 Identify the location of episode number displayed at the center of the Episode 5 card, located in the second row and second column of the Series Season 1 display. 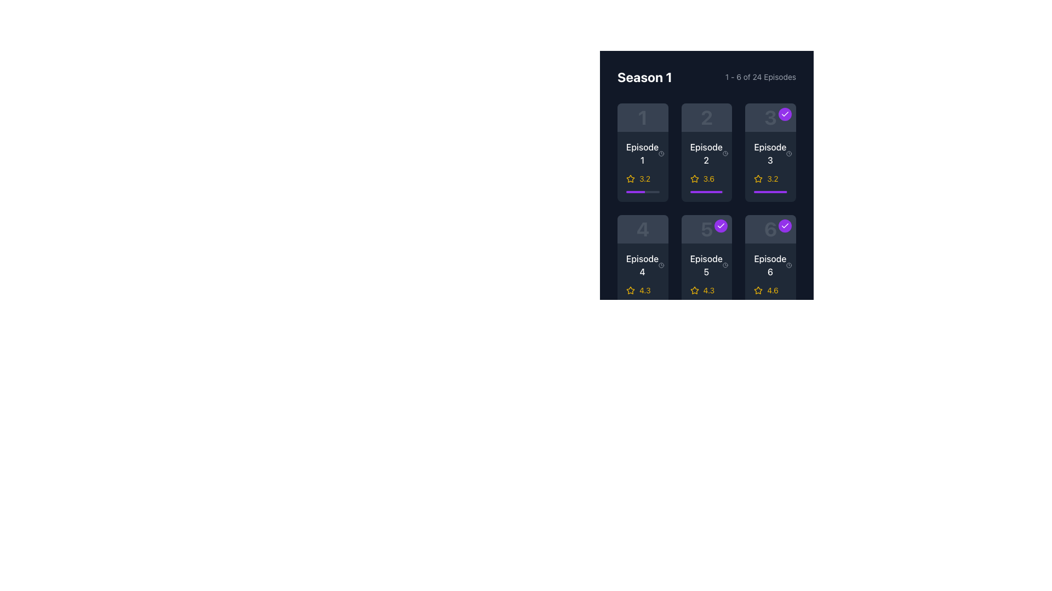
(707, 229).